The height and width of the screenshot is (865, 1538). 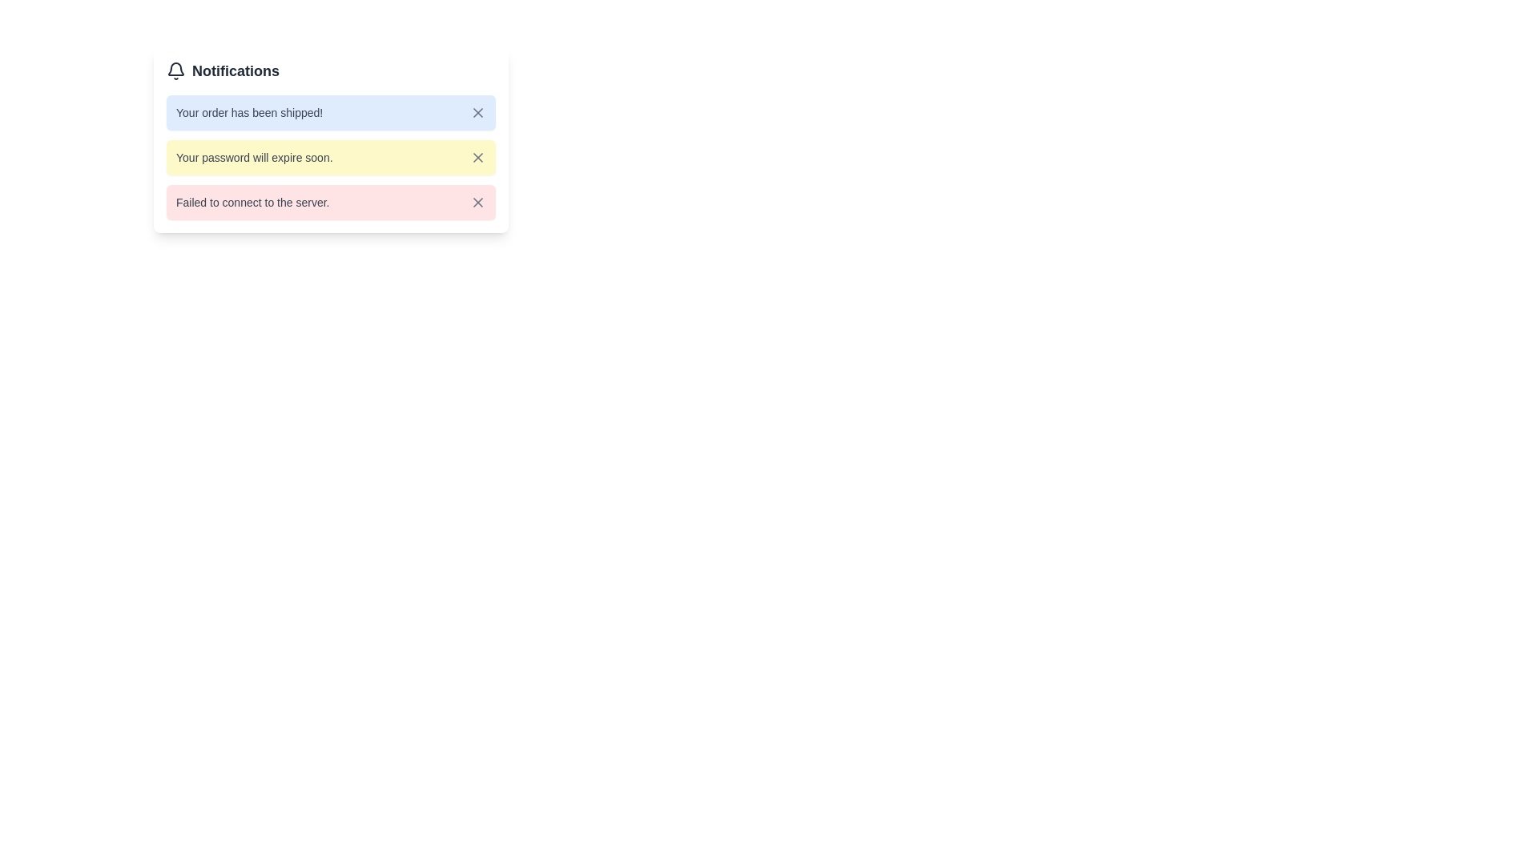 I want to click on the bell-shaped icon with a thin black outline, located to the left of the 'Notifications' label, so click(x=176, y=70).